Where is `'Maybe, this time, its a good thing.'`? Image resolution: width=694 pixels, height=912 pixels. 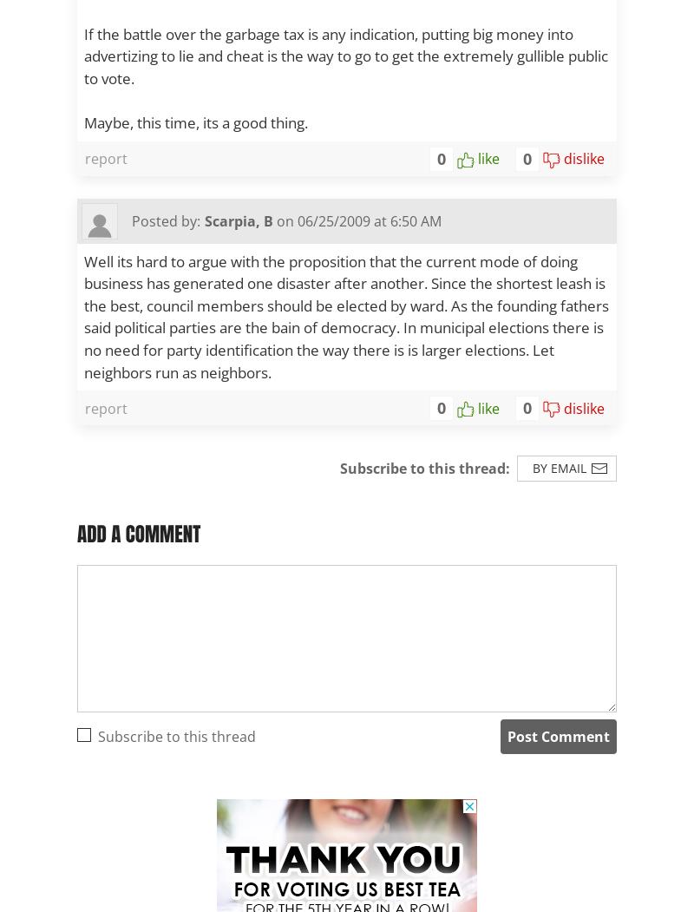 'Maybe, this time, its a good thing.' is located at coordinates (195, 121).